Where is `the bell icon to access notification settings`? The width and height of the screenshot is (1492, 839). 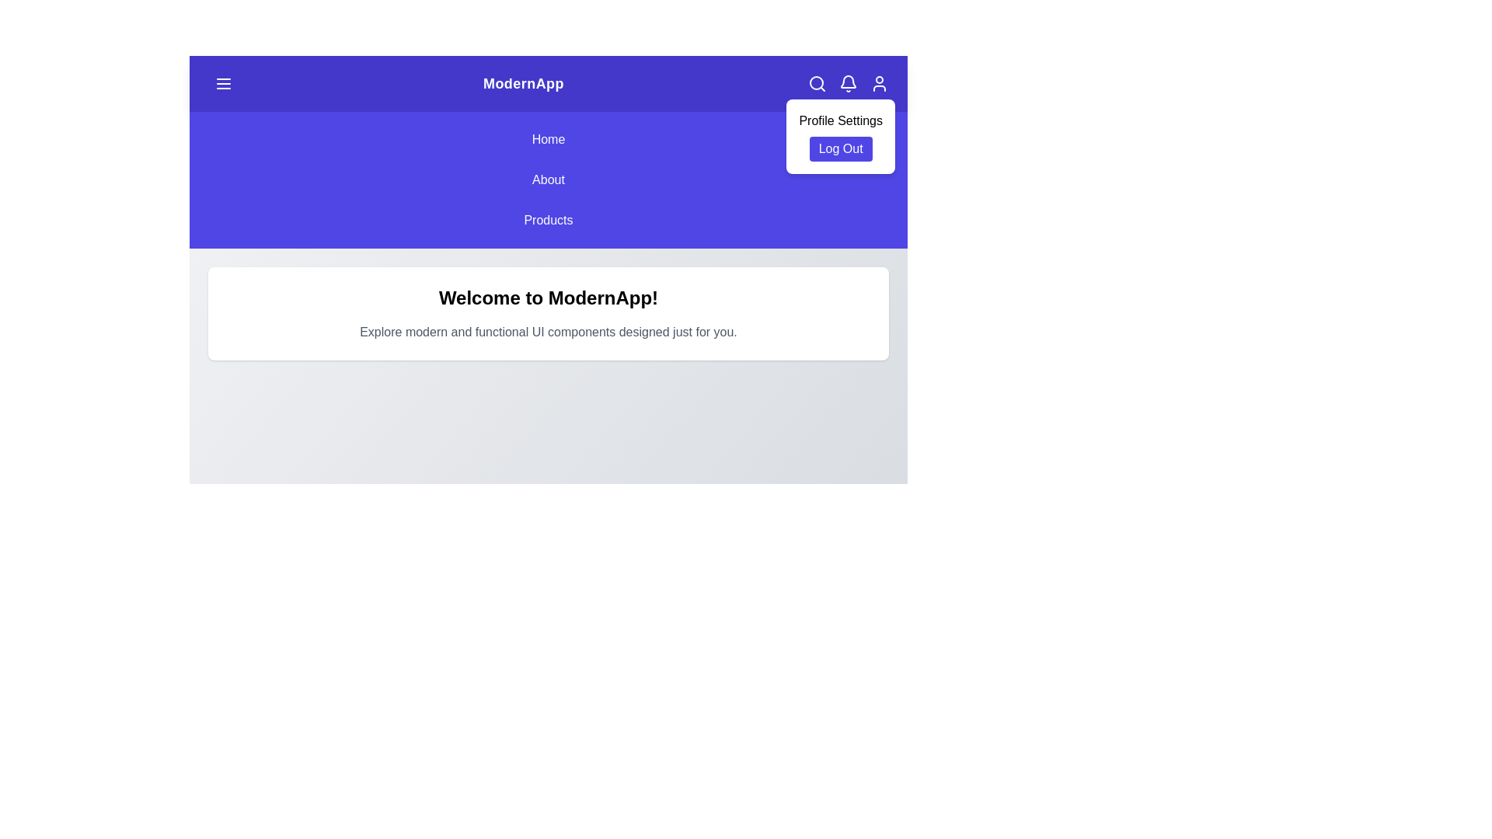 the bell icon to access notification settings is located at coordinates (846, 84).